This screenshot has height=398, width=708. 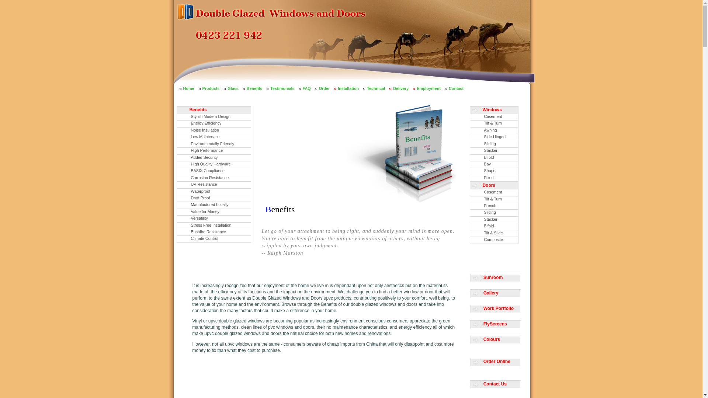 I want to click on 'Windows', so click(x=494, y=110).